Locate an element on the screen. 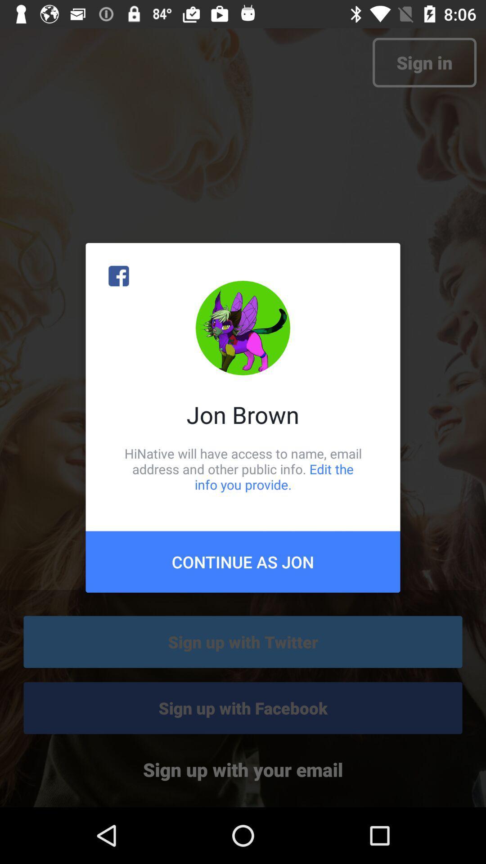 The width and height of the screenshot is (486, 864). the icon below hinative will have icon is located at coordinates (243, 561).